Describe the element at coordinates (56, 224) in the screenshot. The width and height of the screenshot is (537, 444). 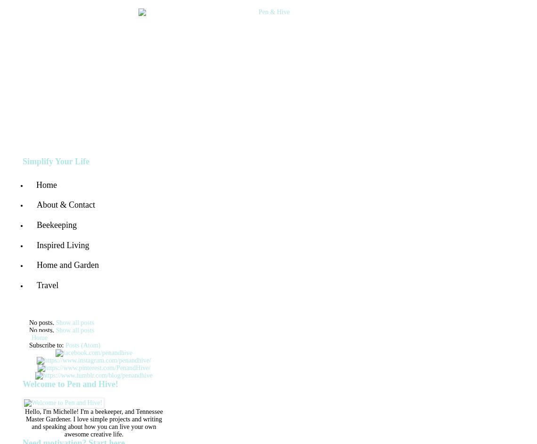
I see `'Beekeeping'` at that location.